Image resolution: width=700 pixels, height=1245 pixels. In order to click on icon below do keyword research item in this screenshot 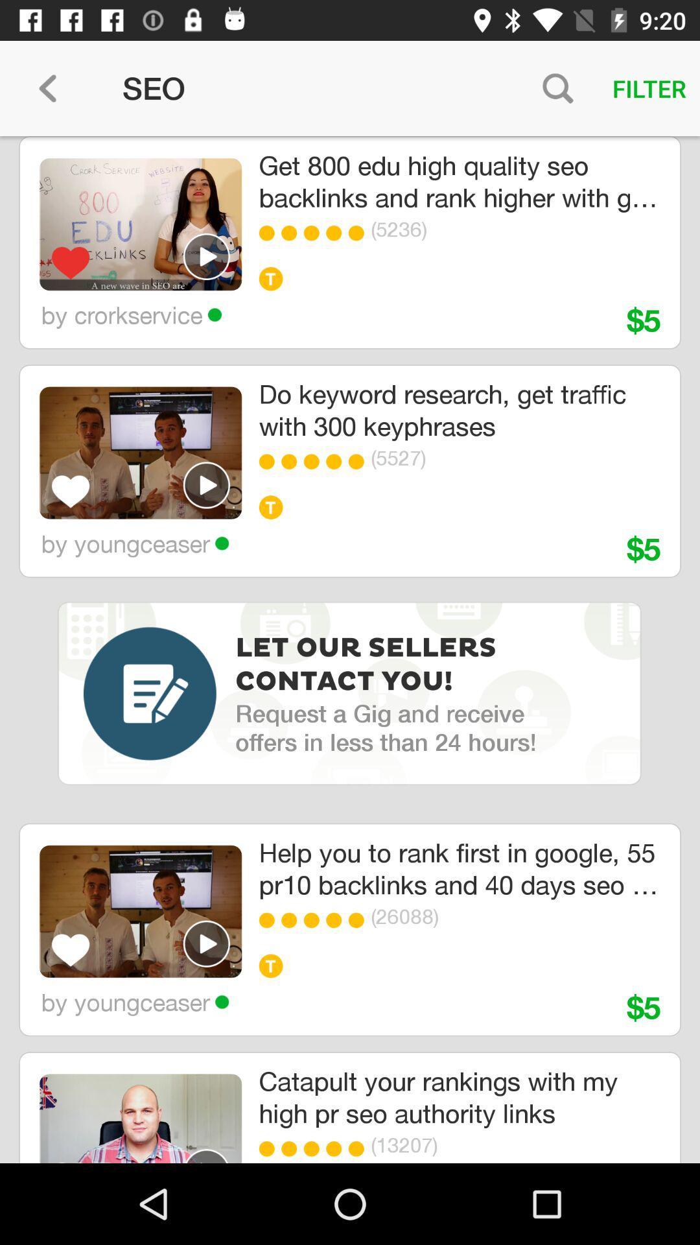, I will do `click(269, 462)`.